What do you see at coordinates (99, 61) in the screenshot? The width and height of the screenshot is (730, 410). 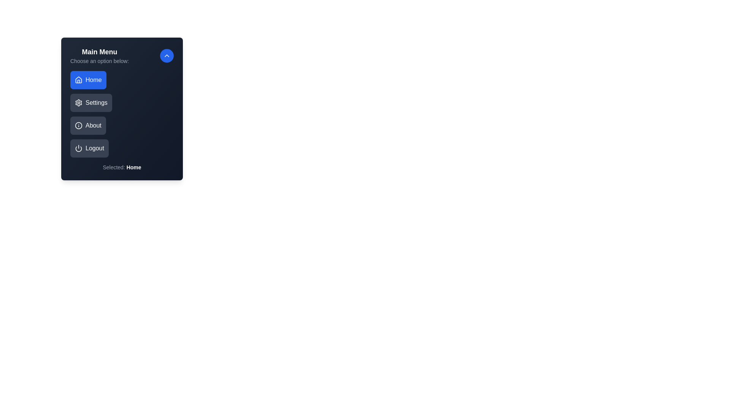 I see `the text label displaying 'Choose an option below:' which is styled in light gray and located beneath the 'Main Menu' title` at bounding box center [99, 61].